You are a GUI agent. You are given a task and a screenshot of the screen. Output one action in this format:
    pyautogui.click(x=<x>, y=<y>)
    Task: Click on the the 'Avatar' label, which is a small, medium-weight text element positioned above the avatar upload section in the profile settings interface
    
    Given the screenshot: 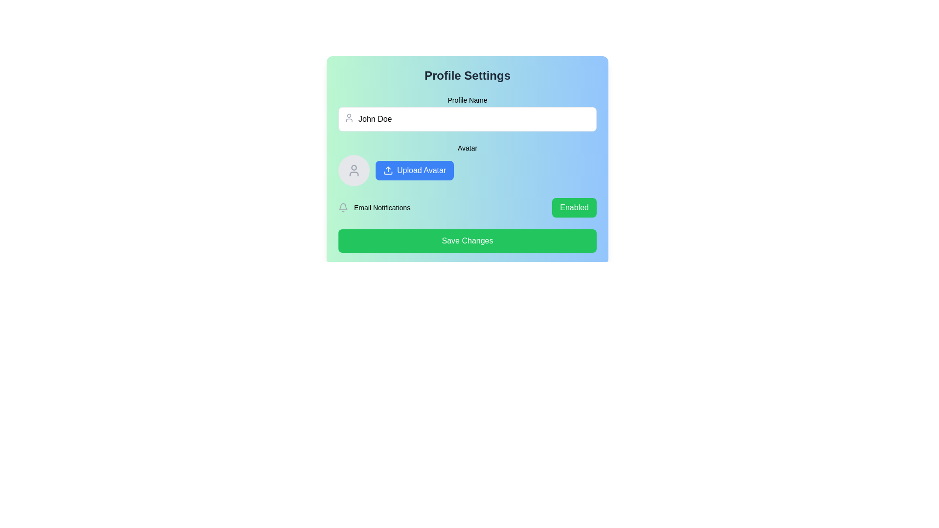 What is the action you would take?
    pyautogui.click(x=467, y=148)
    